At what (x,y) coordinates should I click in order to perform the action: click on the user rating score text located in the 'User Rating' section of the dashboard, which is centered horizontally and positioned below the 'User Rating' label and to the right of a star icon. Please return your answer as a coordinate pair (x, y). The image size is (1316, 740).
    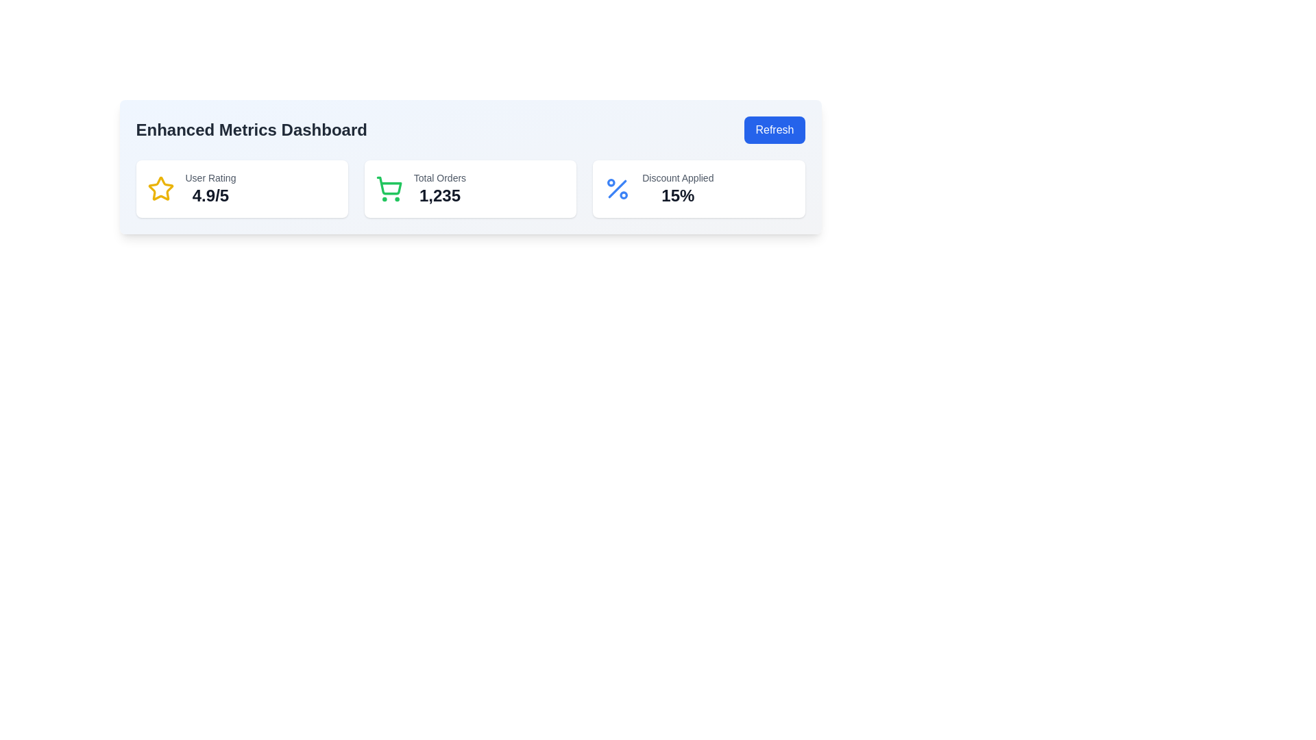
    Looking at the image, I should click on (210, 195).